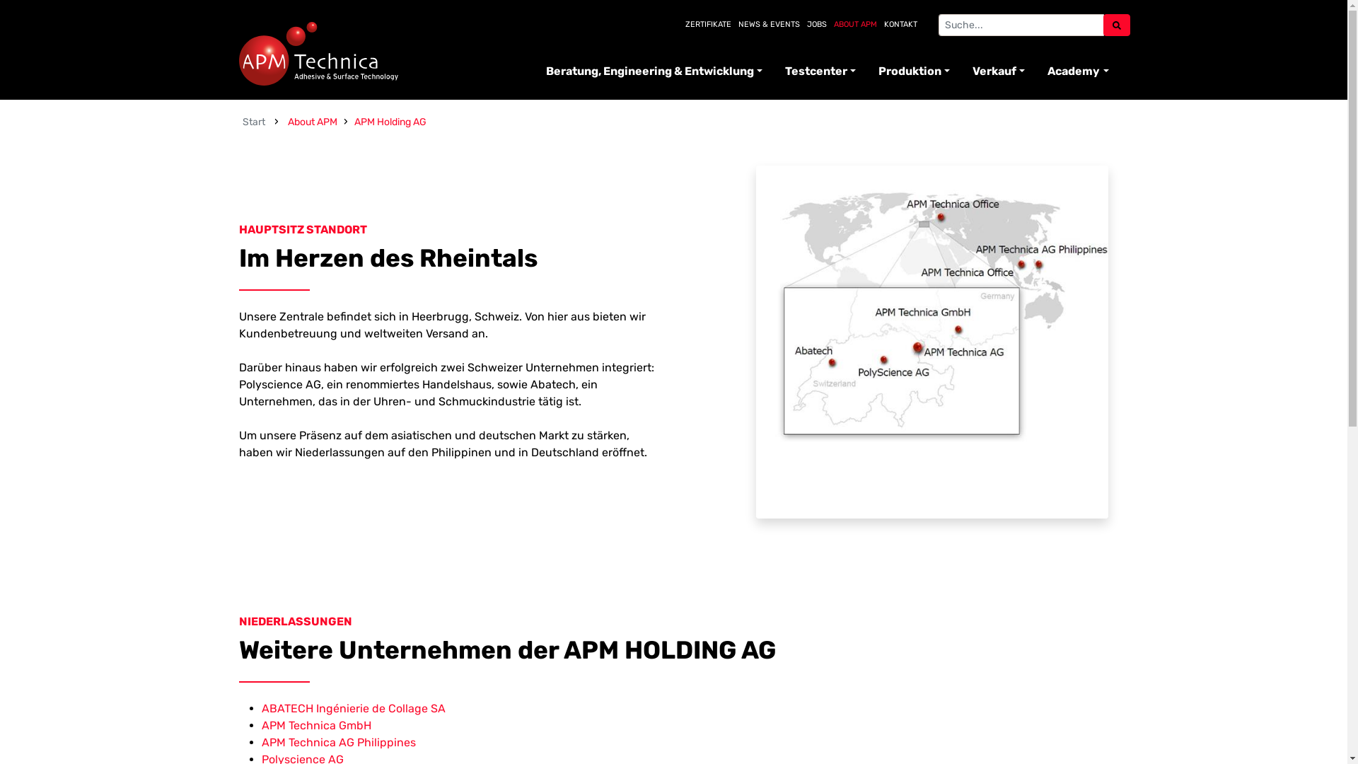 This screenshot has width=1358, height=764. What do you see at coordinates (900, 24) in the screenshot?
I see `'KONTAKT'` at bounding box center [900, 24].